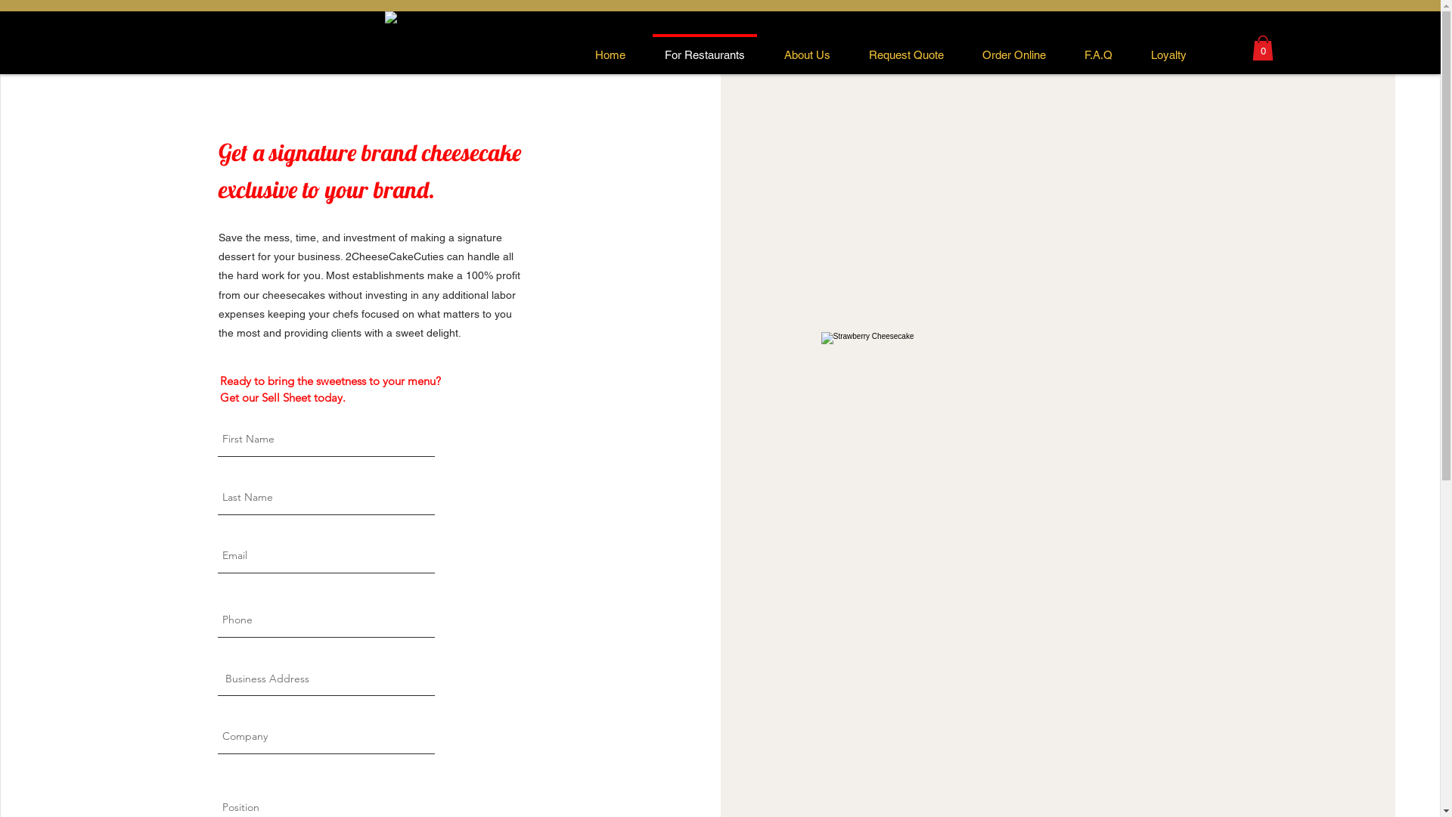 The width and height of the screenshot is (1452, 817). I want to click on '0', so click(1252, 47).